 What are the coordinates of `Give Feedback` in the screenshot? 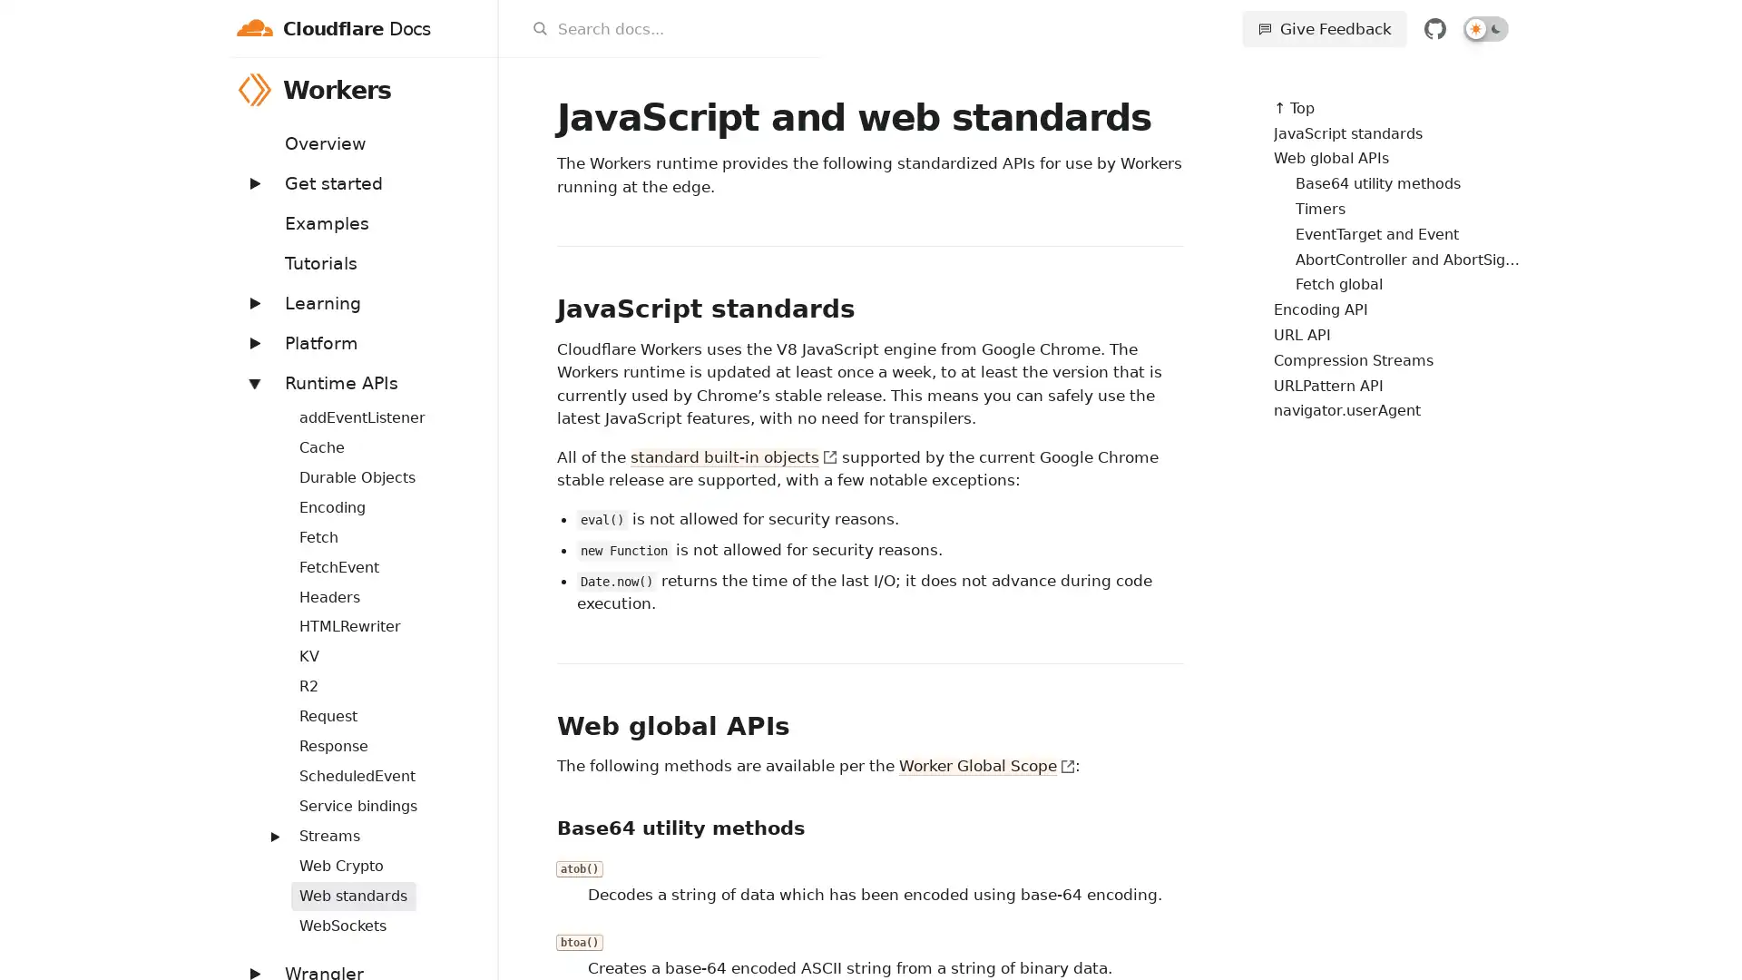 It's located at (1324, 28).